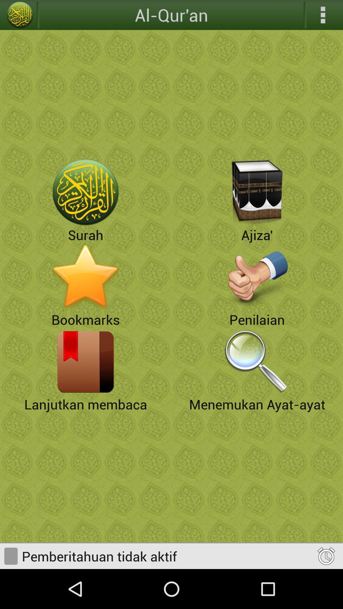 Image resolution: width=343 pixels, height=609 pixels. I want to click on the star icon, so click(86, 296).